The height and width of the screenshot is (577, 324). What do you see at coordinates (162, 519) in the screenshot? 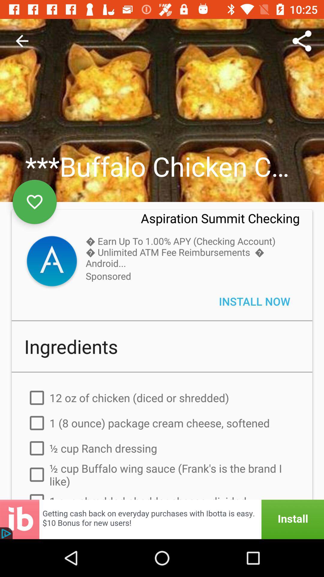
I see `advertisement` at bounding box center [162, 519].